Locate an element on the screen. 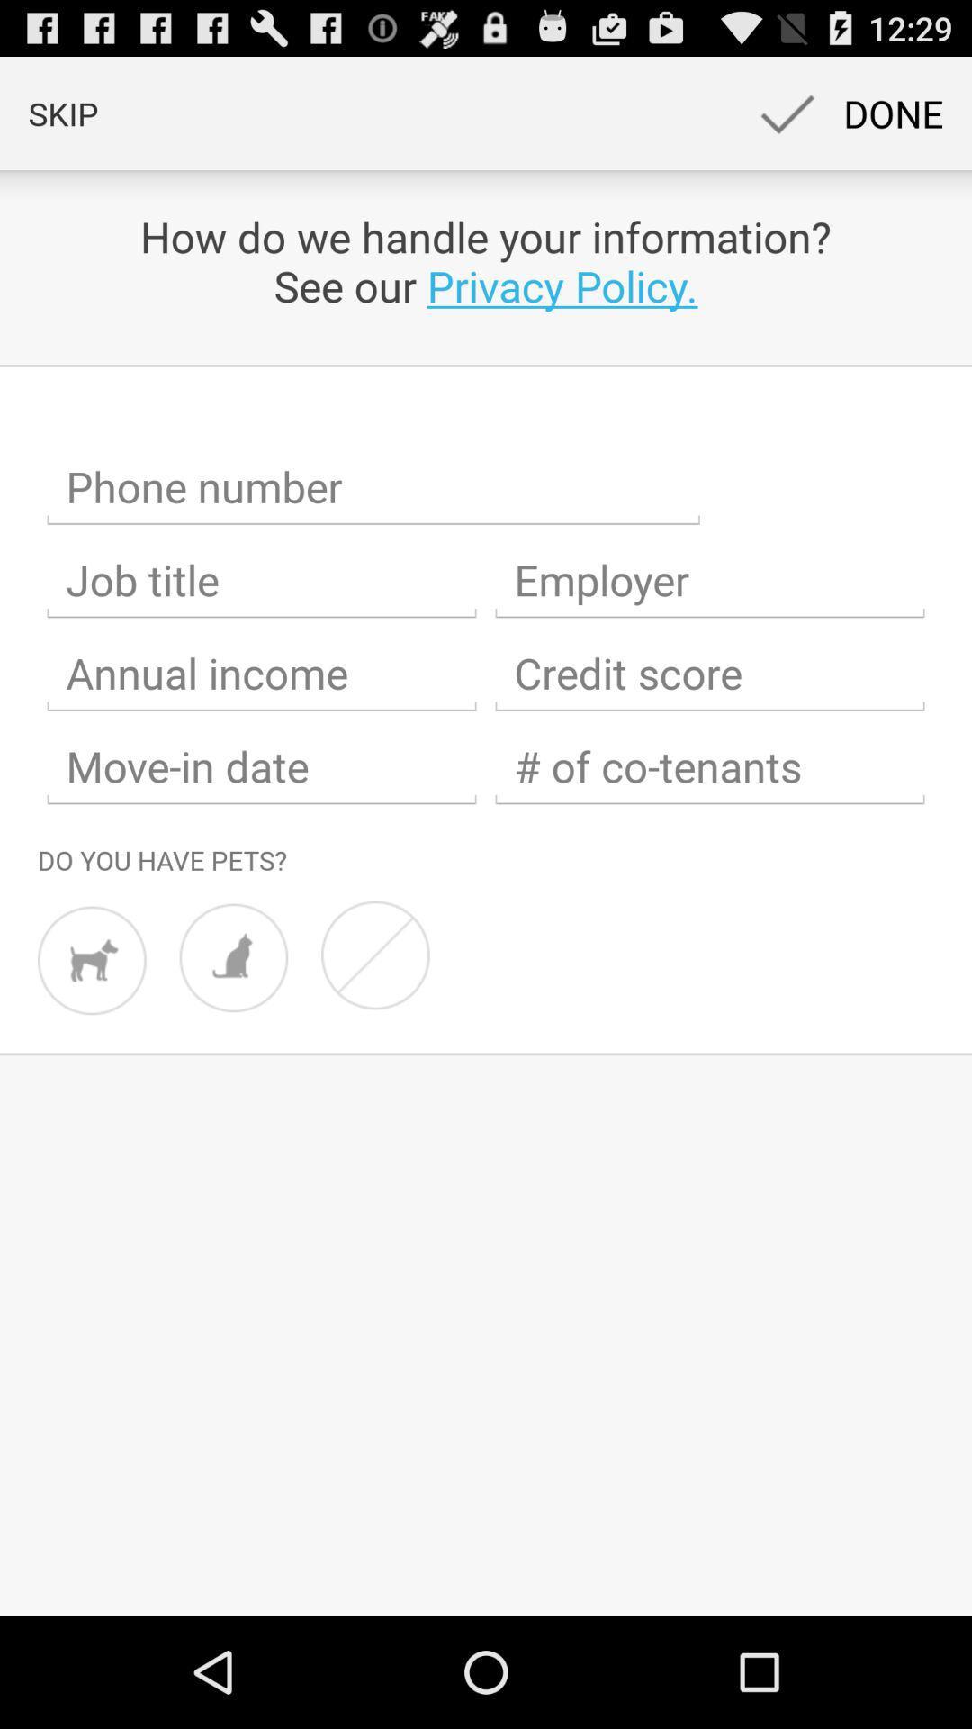 The width and height of the screenshot is (972, 1729). none is located at coordinates (374, 954).